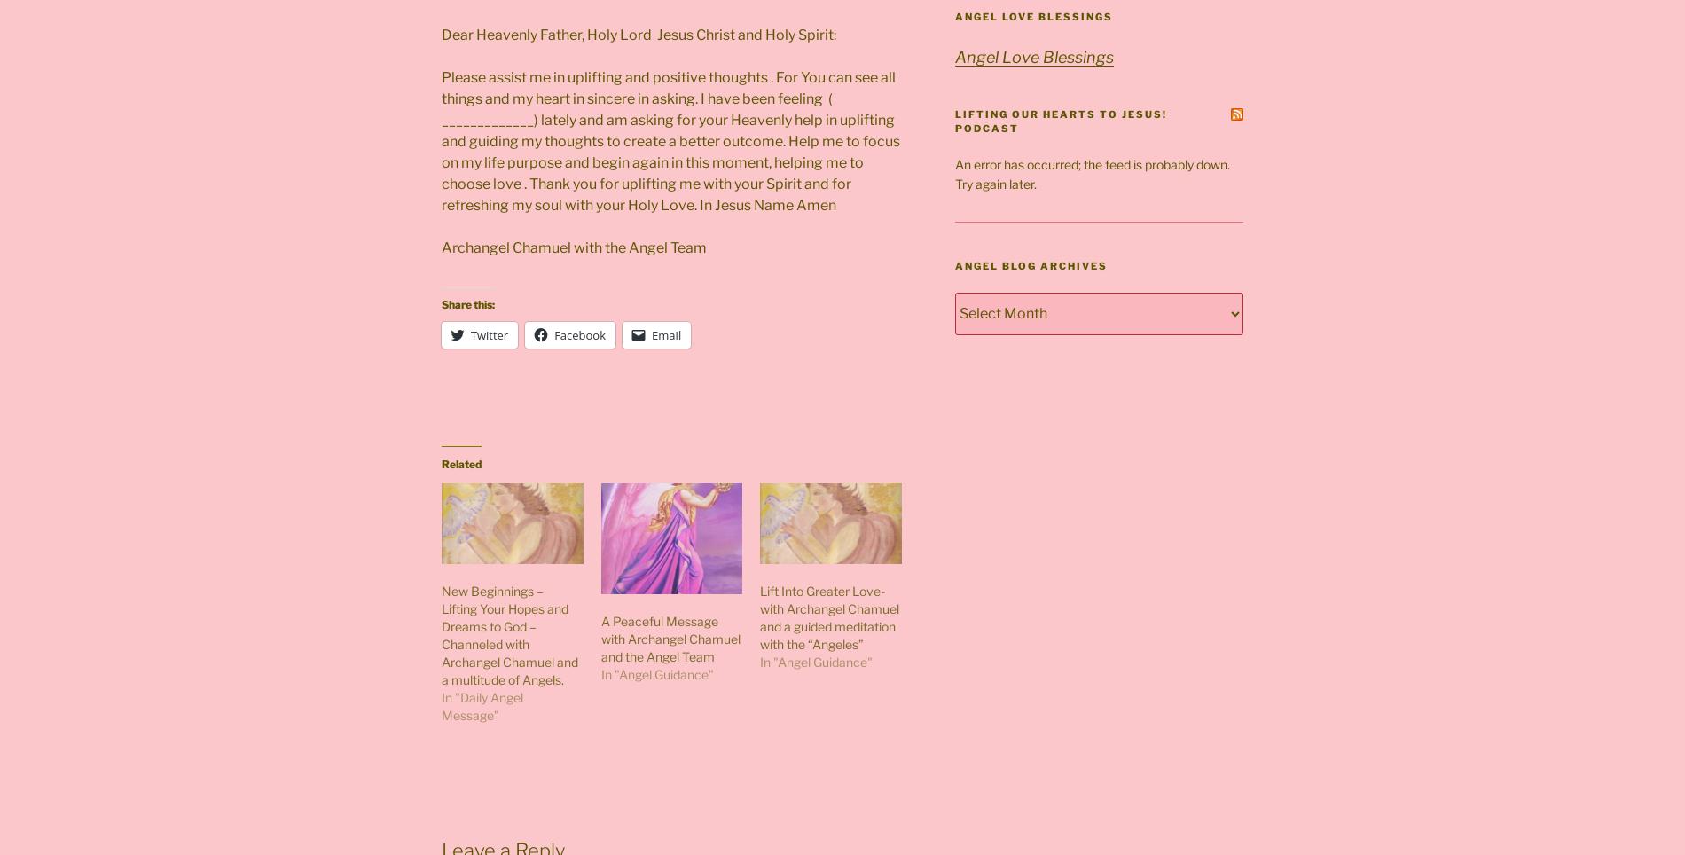 This screenshot has height=855, width=1685. I want to click on 'Related', so click(461, 462).